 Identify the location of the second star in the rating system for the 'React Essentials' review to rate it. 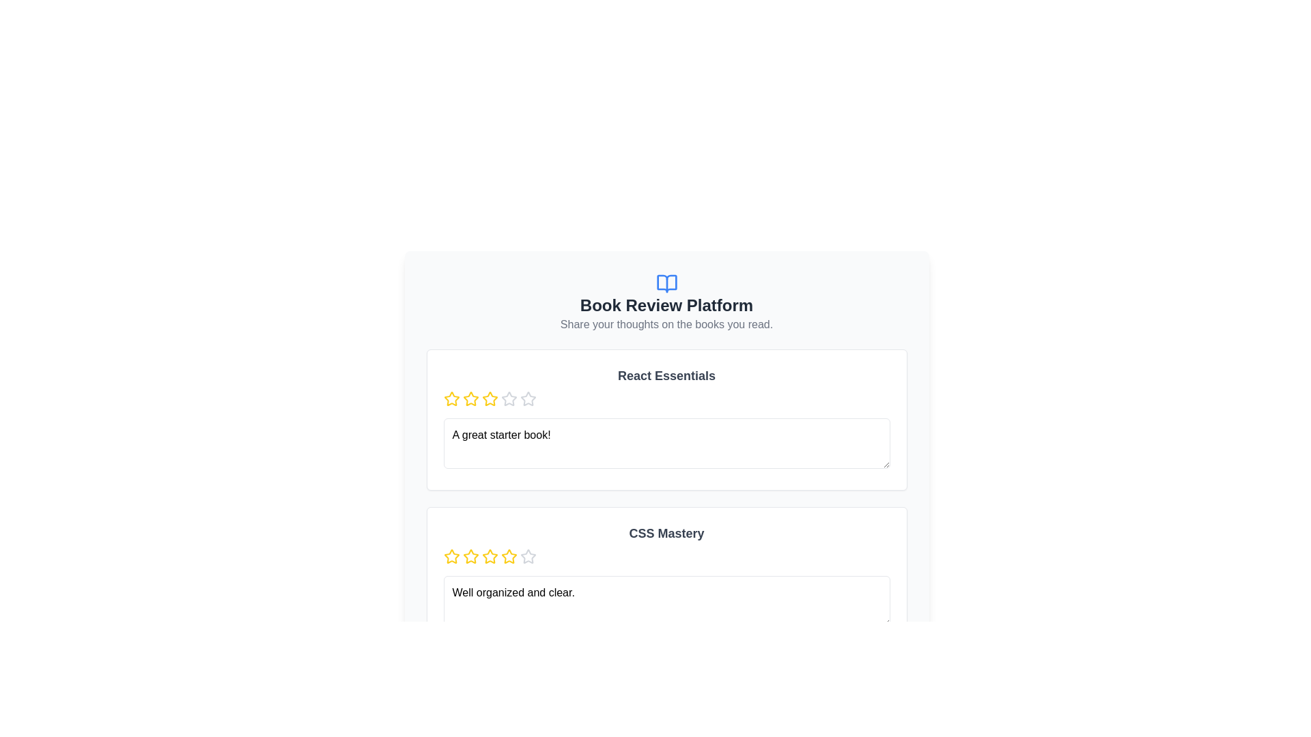
(490, 399).